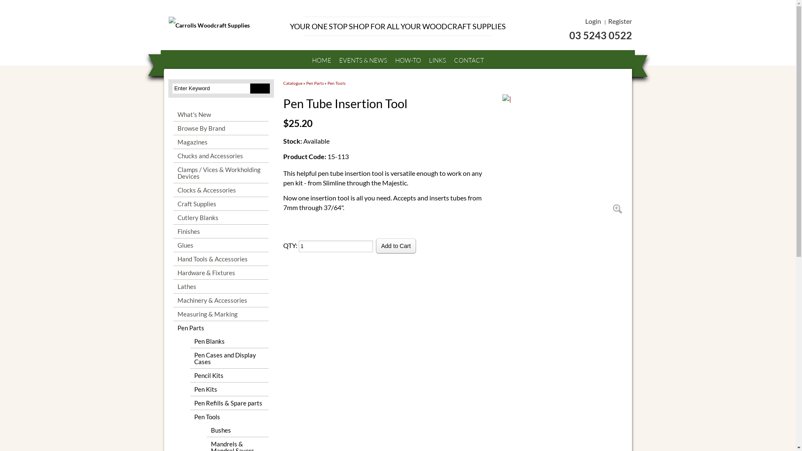 This screenshot has width=802, height=451. I want to click on 'Finishes', so click(221, 231).